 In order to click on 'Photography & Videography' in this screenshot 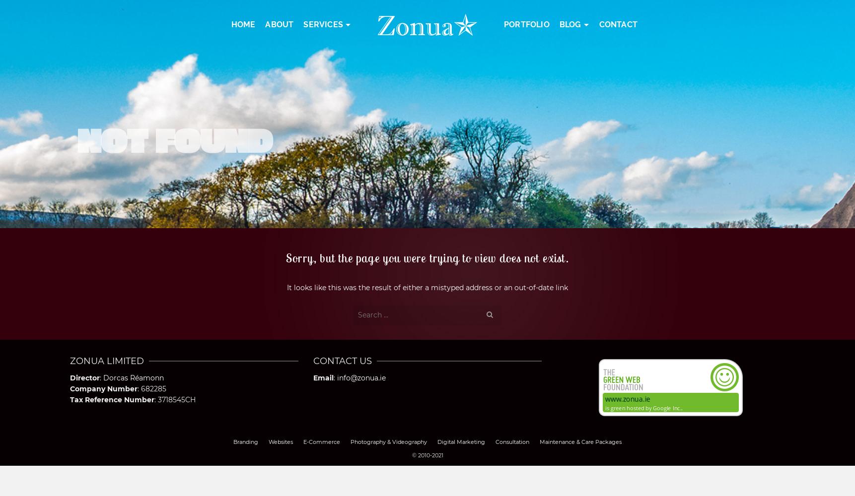, I will do `click(388, 441)`.